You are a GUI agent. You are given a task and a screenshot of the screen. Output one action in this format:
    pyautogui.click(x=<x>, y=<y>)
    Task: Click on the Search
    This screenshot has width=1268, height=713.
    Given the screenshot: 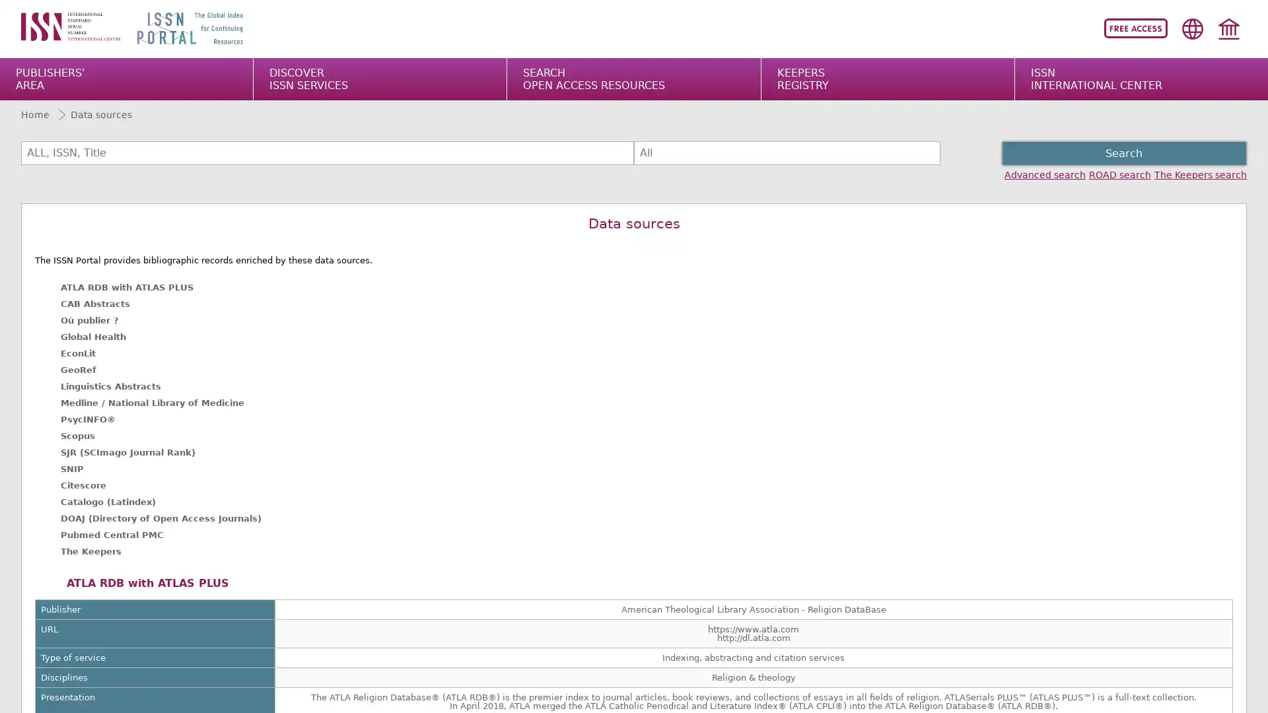 What is the action you would take?
    pyautogui.click(x=1123, y=152)
    